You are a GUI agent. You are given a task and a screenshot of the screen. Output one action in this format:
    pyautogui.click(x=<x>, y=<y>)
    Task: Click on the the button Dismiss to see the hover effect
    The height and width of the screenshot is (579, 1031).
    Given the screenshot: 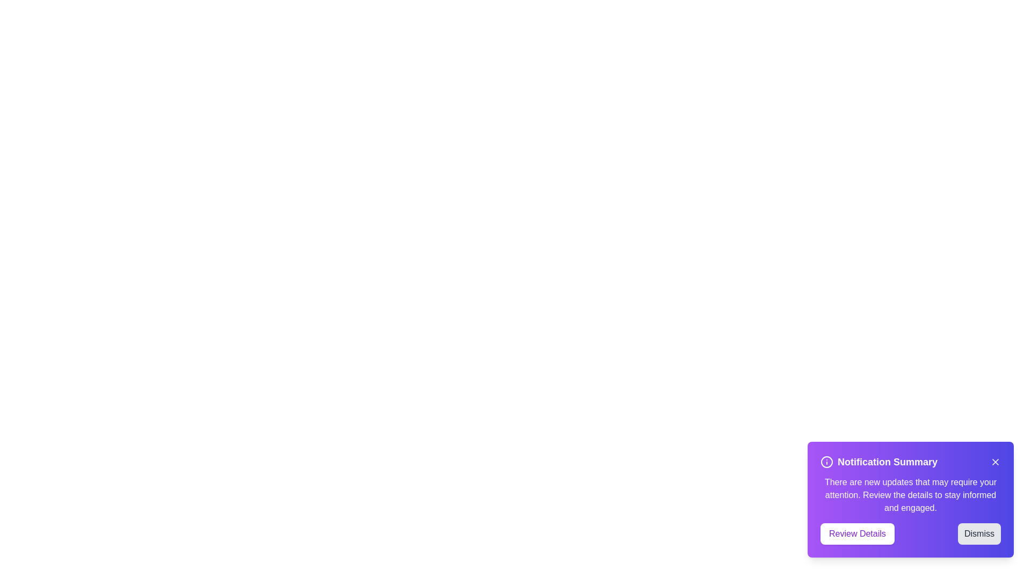 What is the action you would take?
    pyautogui.click(x=979, y=533)
    